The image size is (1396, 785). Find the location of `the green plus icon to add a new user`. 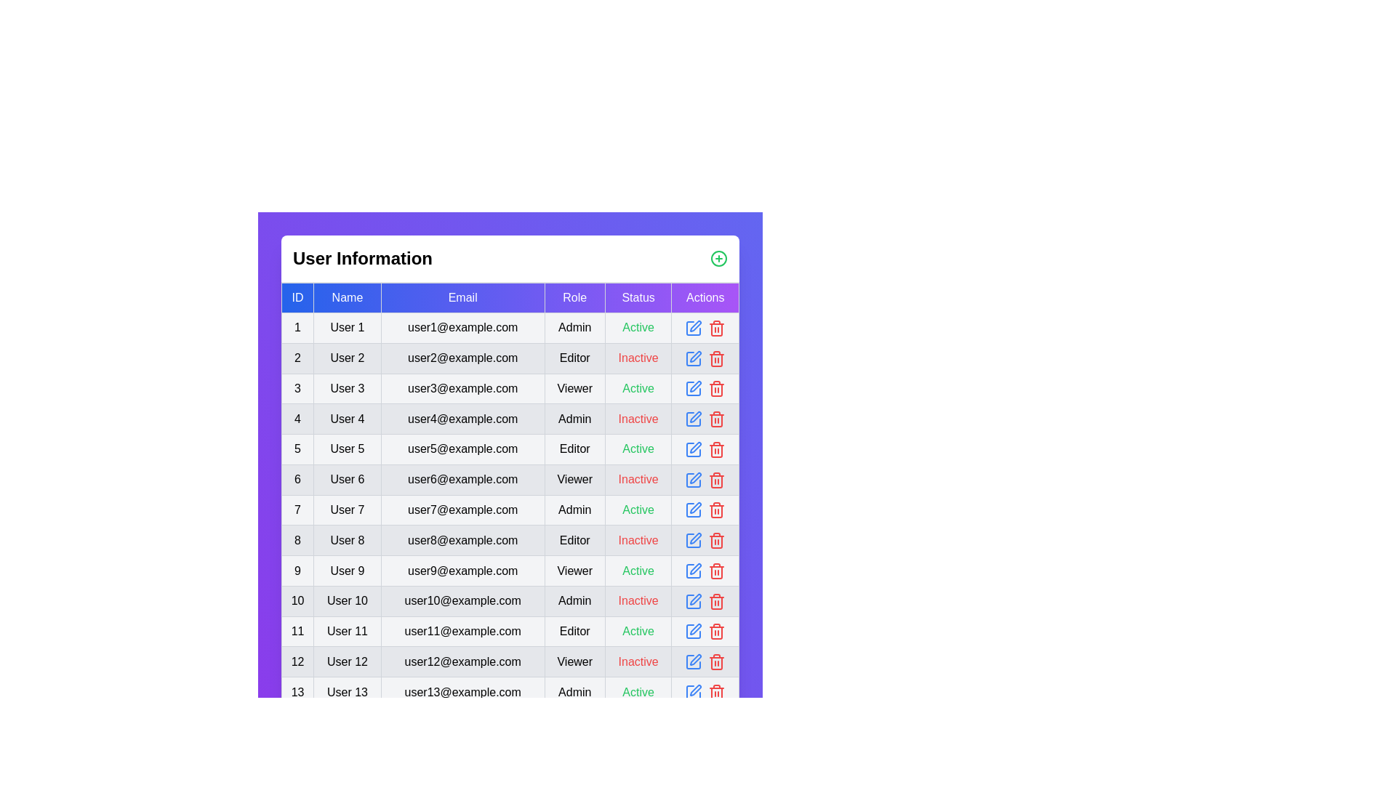

the green plus icon to add a new user is located at coordinates (718, 257).